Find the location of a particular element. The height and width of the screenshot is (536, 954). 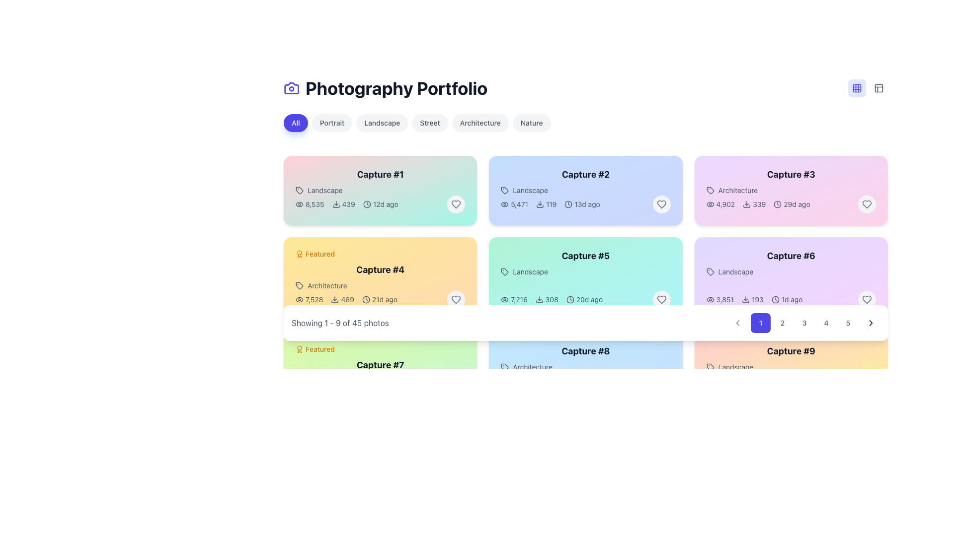

'Landscape' text label, which is styled in gray and located below the heading 'Capture #9' in the last card of the grid layout is located at coordinates (791, 367).